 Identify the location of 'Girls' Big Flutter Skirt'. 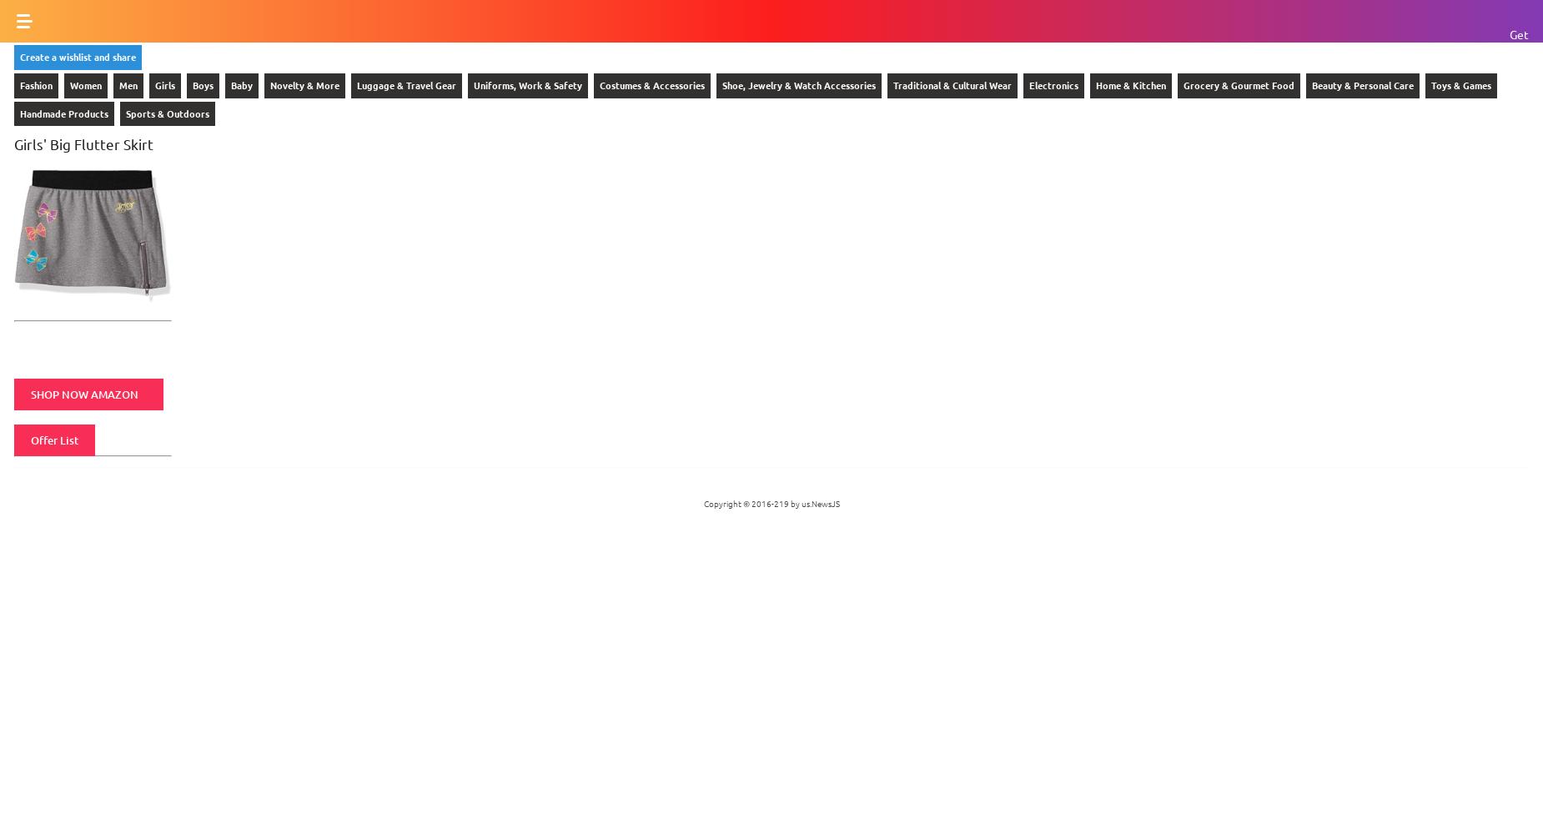
(83, 143).